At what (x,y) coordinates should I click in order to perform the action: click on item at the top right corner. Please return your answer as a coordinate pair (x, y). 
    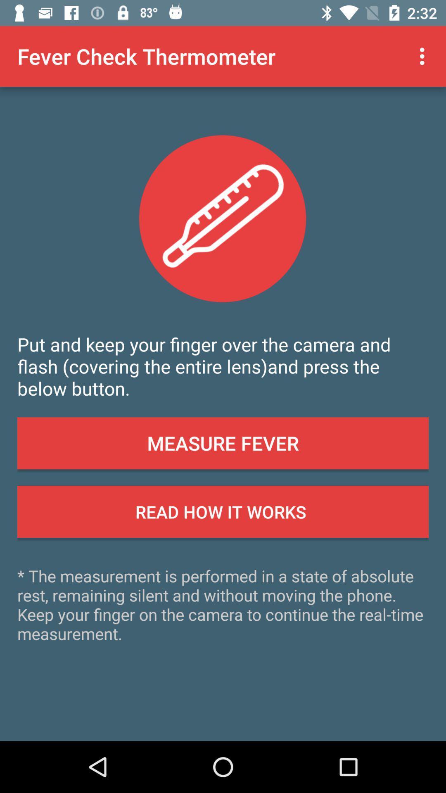
    Looking at the image, I should click on (424, 56).